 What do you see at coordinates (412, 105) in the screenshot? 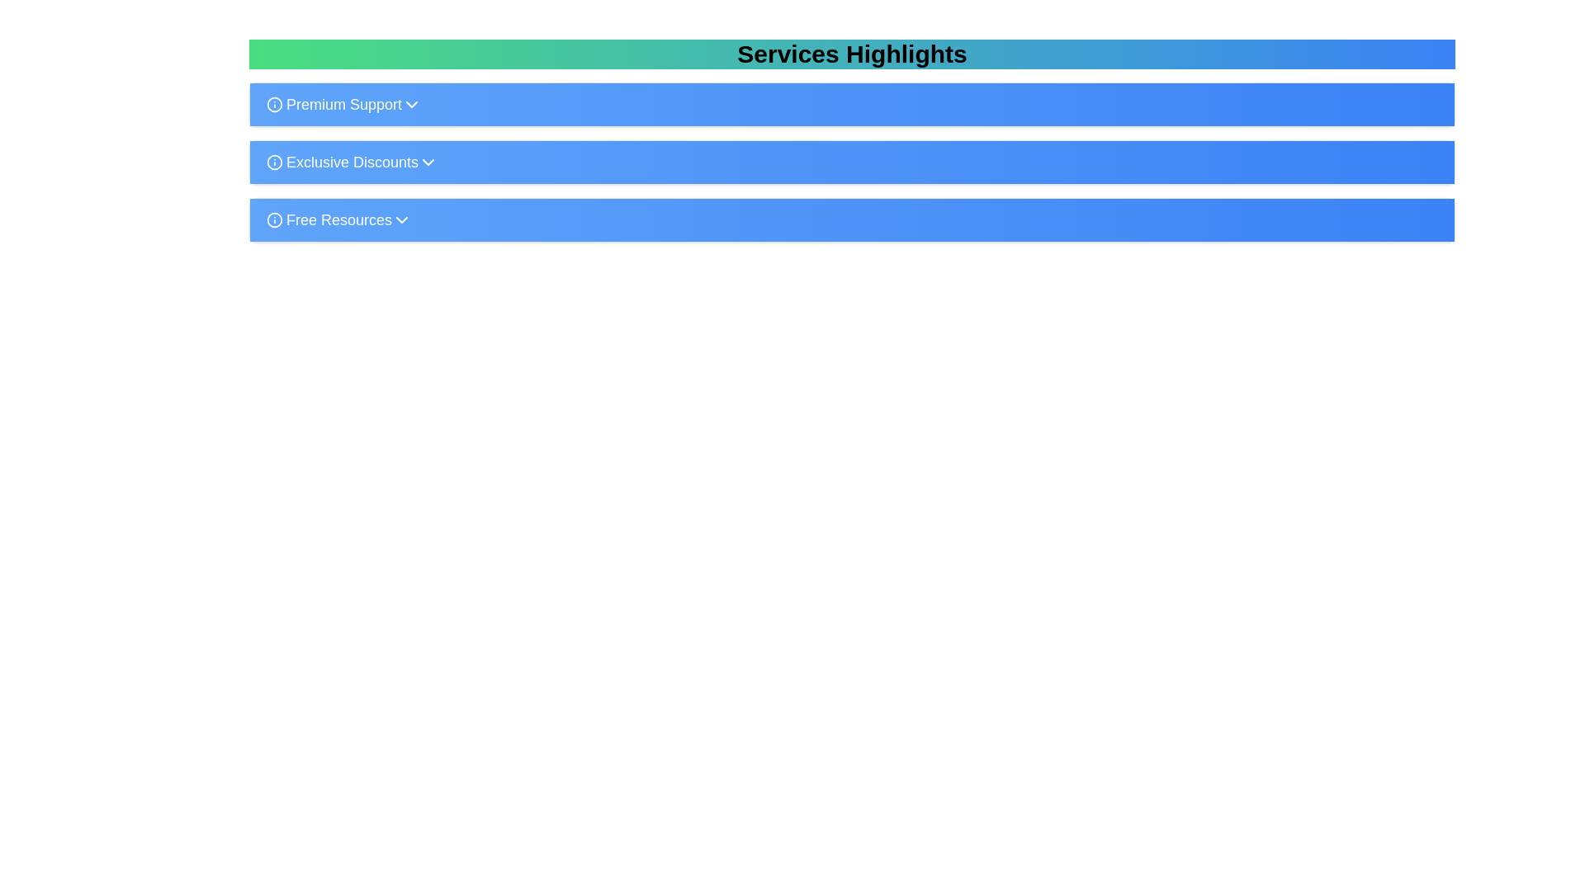
I see `the chevron icon at the far right of the 'Premium Support' button` at bounding box center [412, 105].